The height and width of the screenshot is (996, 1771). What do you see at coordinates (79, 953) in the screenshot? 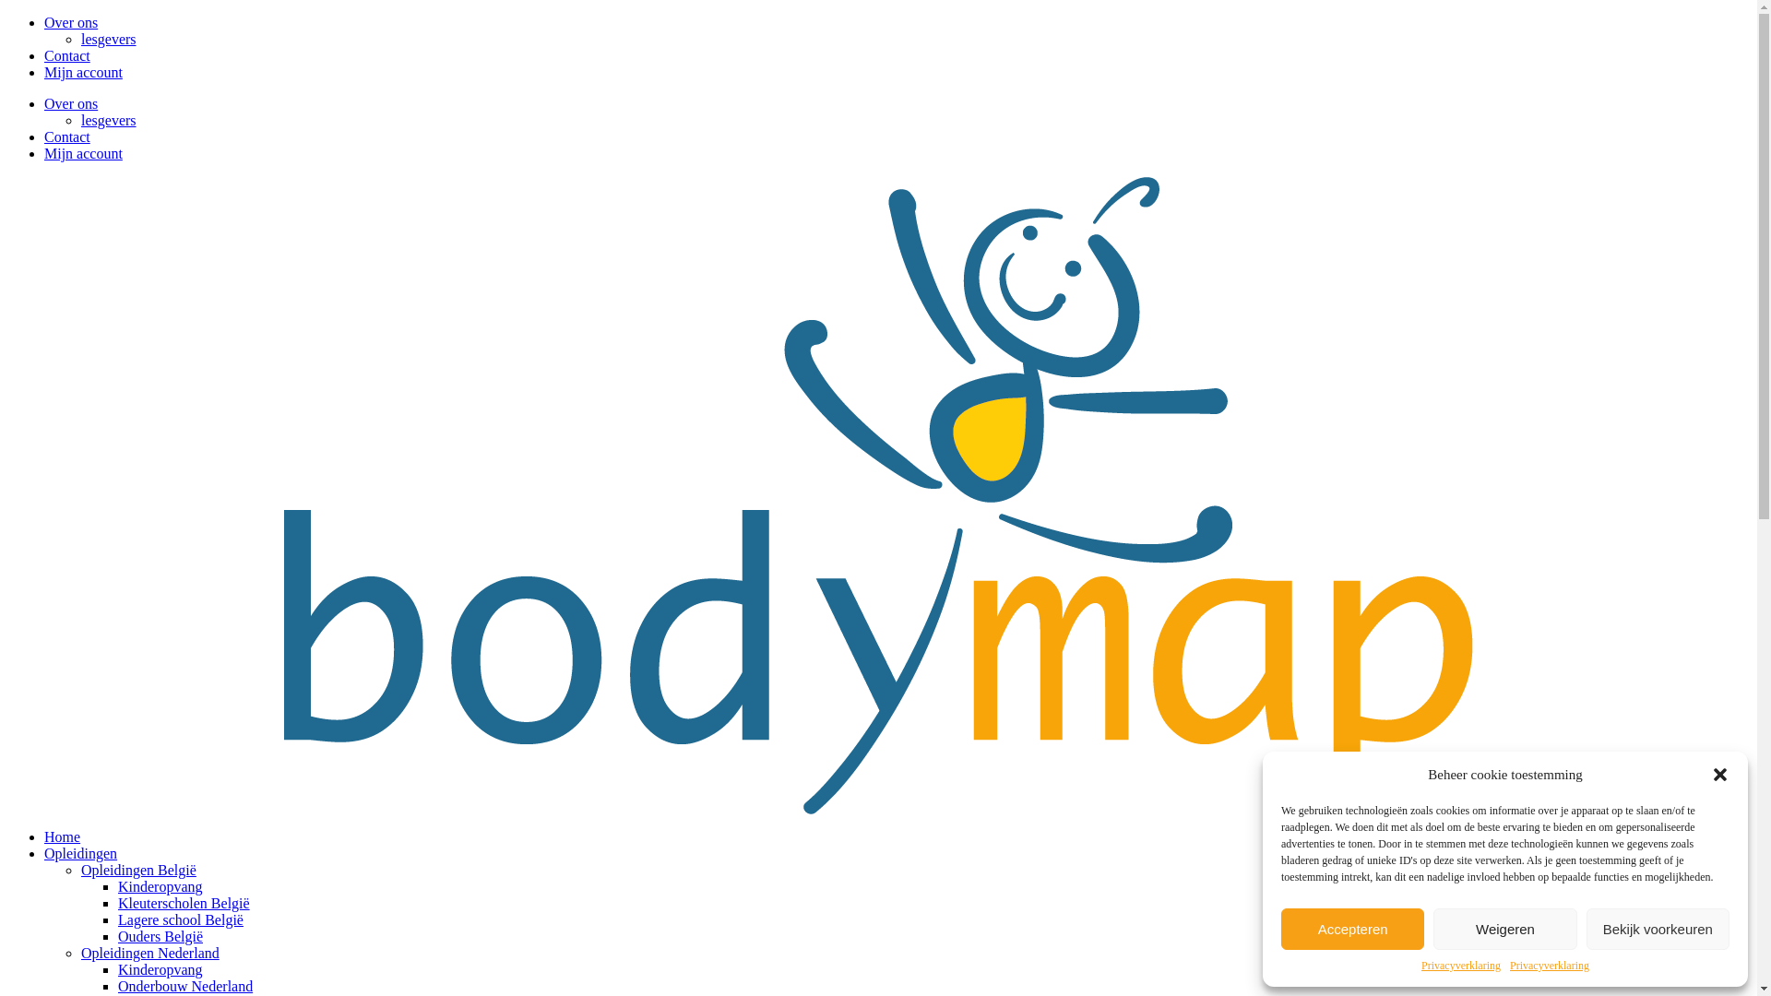
I see `'Opleidingen Nederland'` at bounding box center [79, 953].